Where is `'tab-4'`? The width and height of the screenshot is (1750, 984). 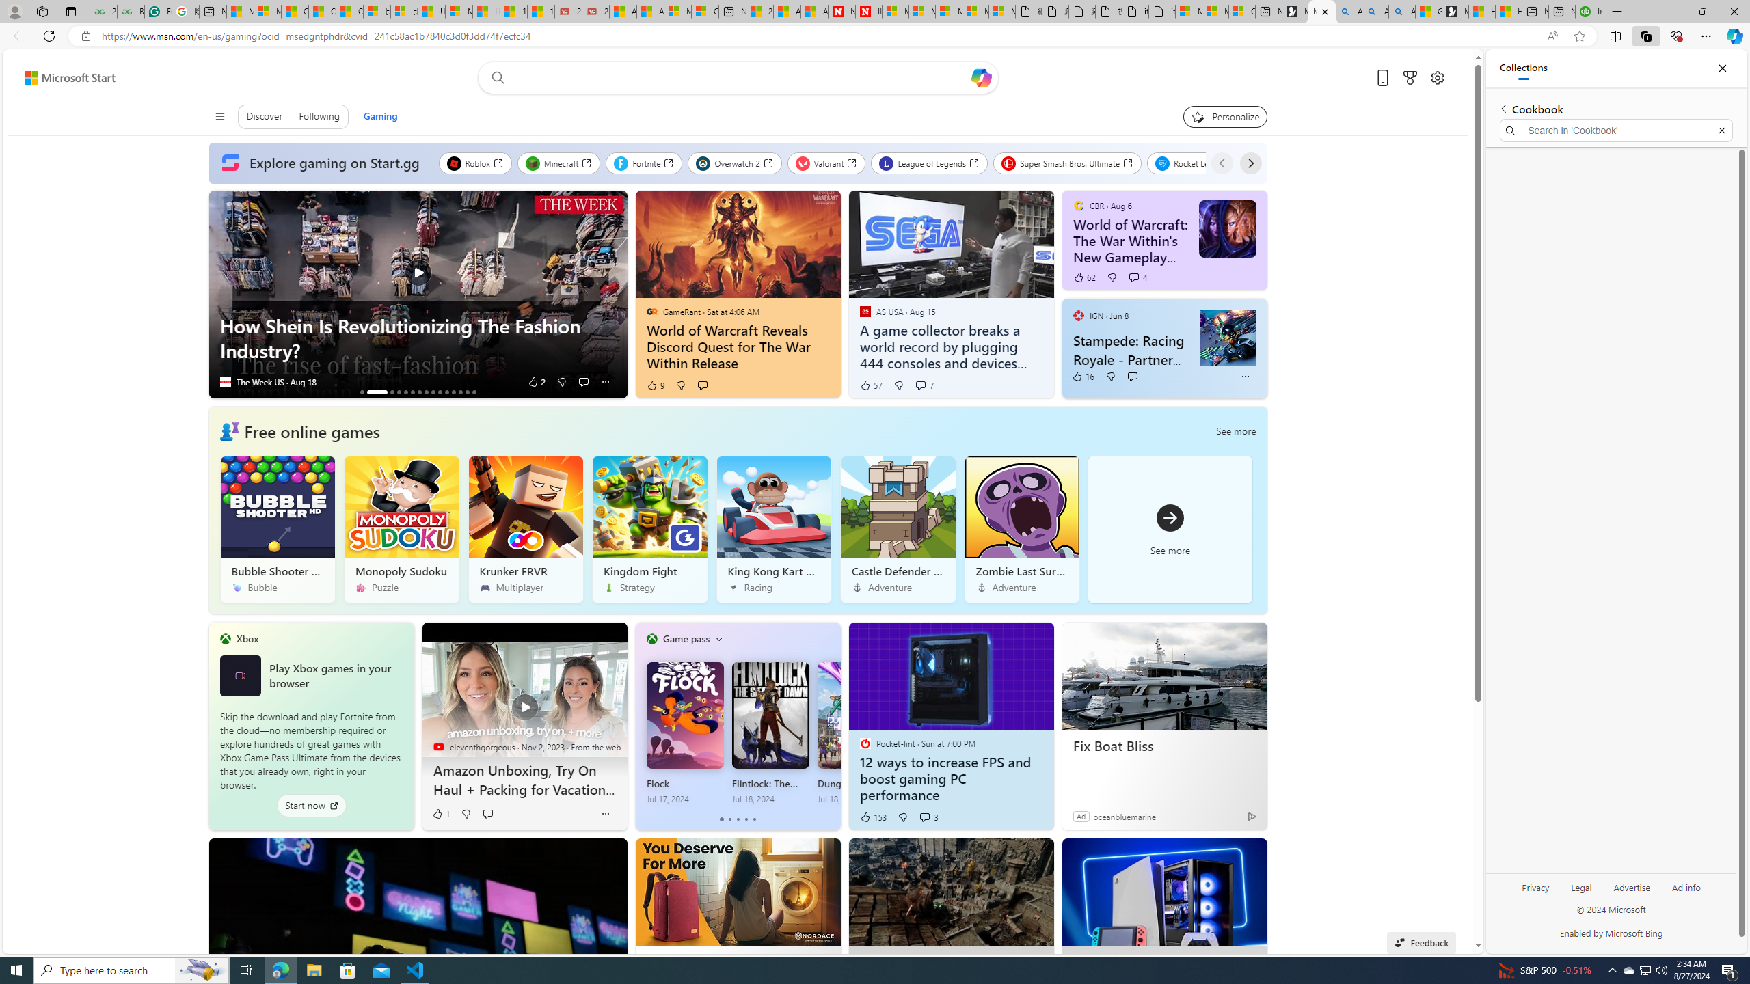
'tab-4' is located at coordinates (755, 819).